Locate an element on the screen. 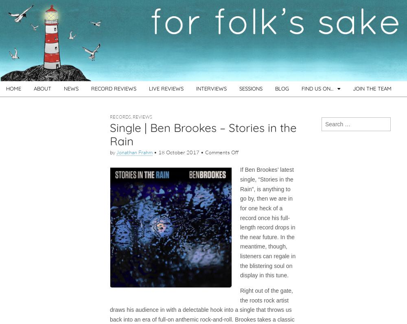 The image size is (407, 324). 'Single | Ben Brookes – Stories in the Rain' is located at coordinates (203, 134).